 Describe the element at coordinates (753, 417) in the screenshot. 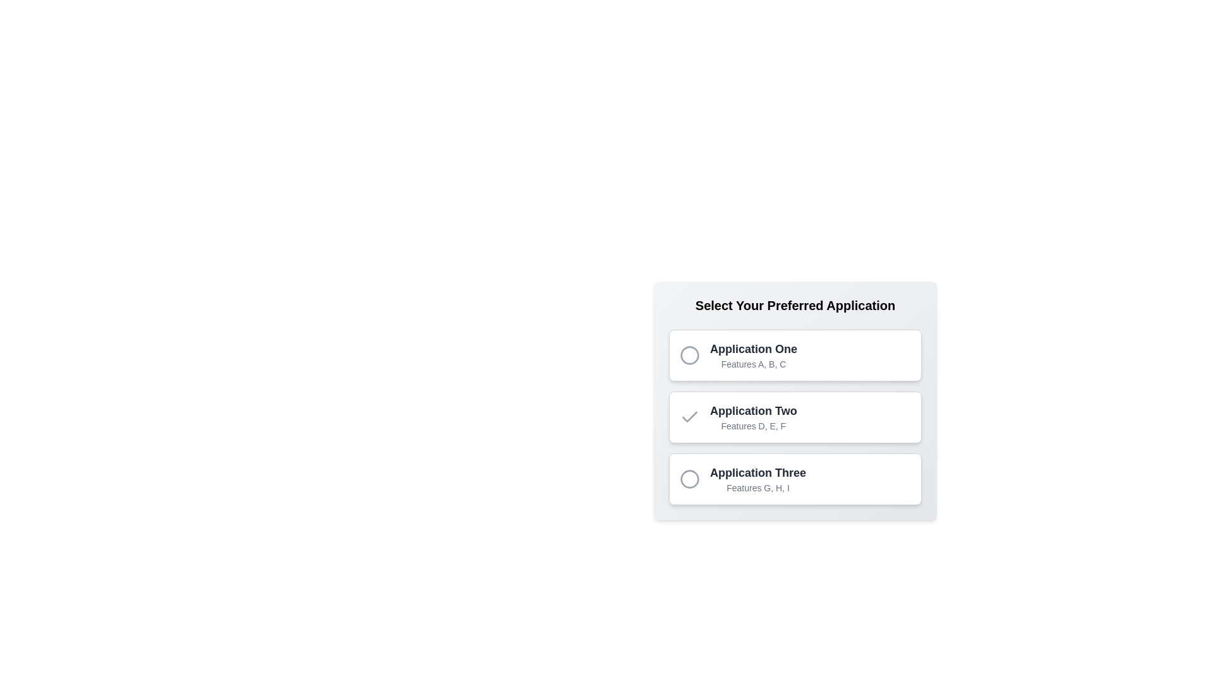

I see `the informational Text Display that describes the features of the corresponding application option, located between 'Application One' and 'Application Three' under 'Select Your Preferred Application'` at that location.